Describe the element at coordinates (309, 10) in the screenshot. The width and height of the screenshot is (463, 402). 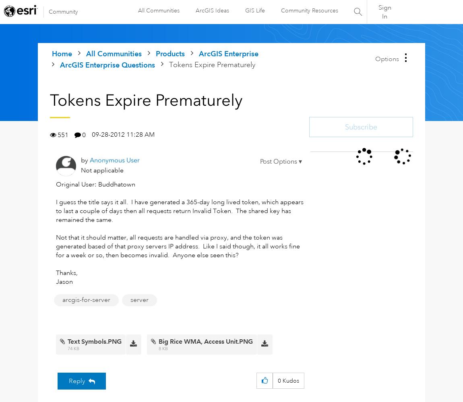
I see `'Community Resources'` at that location.